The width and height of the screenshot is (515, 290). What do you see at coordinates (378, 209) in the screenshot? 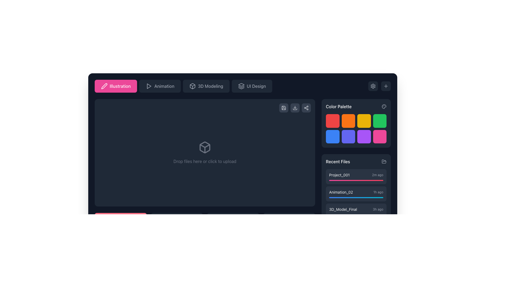
I see `the light gray text label displaying '3h ago', which is positioned to the right of the '3D_Model_Final' label in the 'Recent Files' section of the right sidebar` at bounding box center [378, 209].